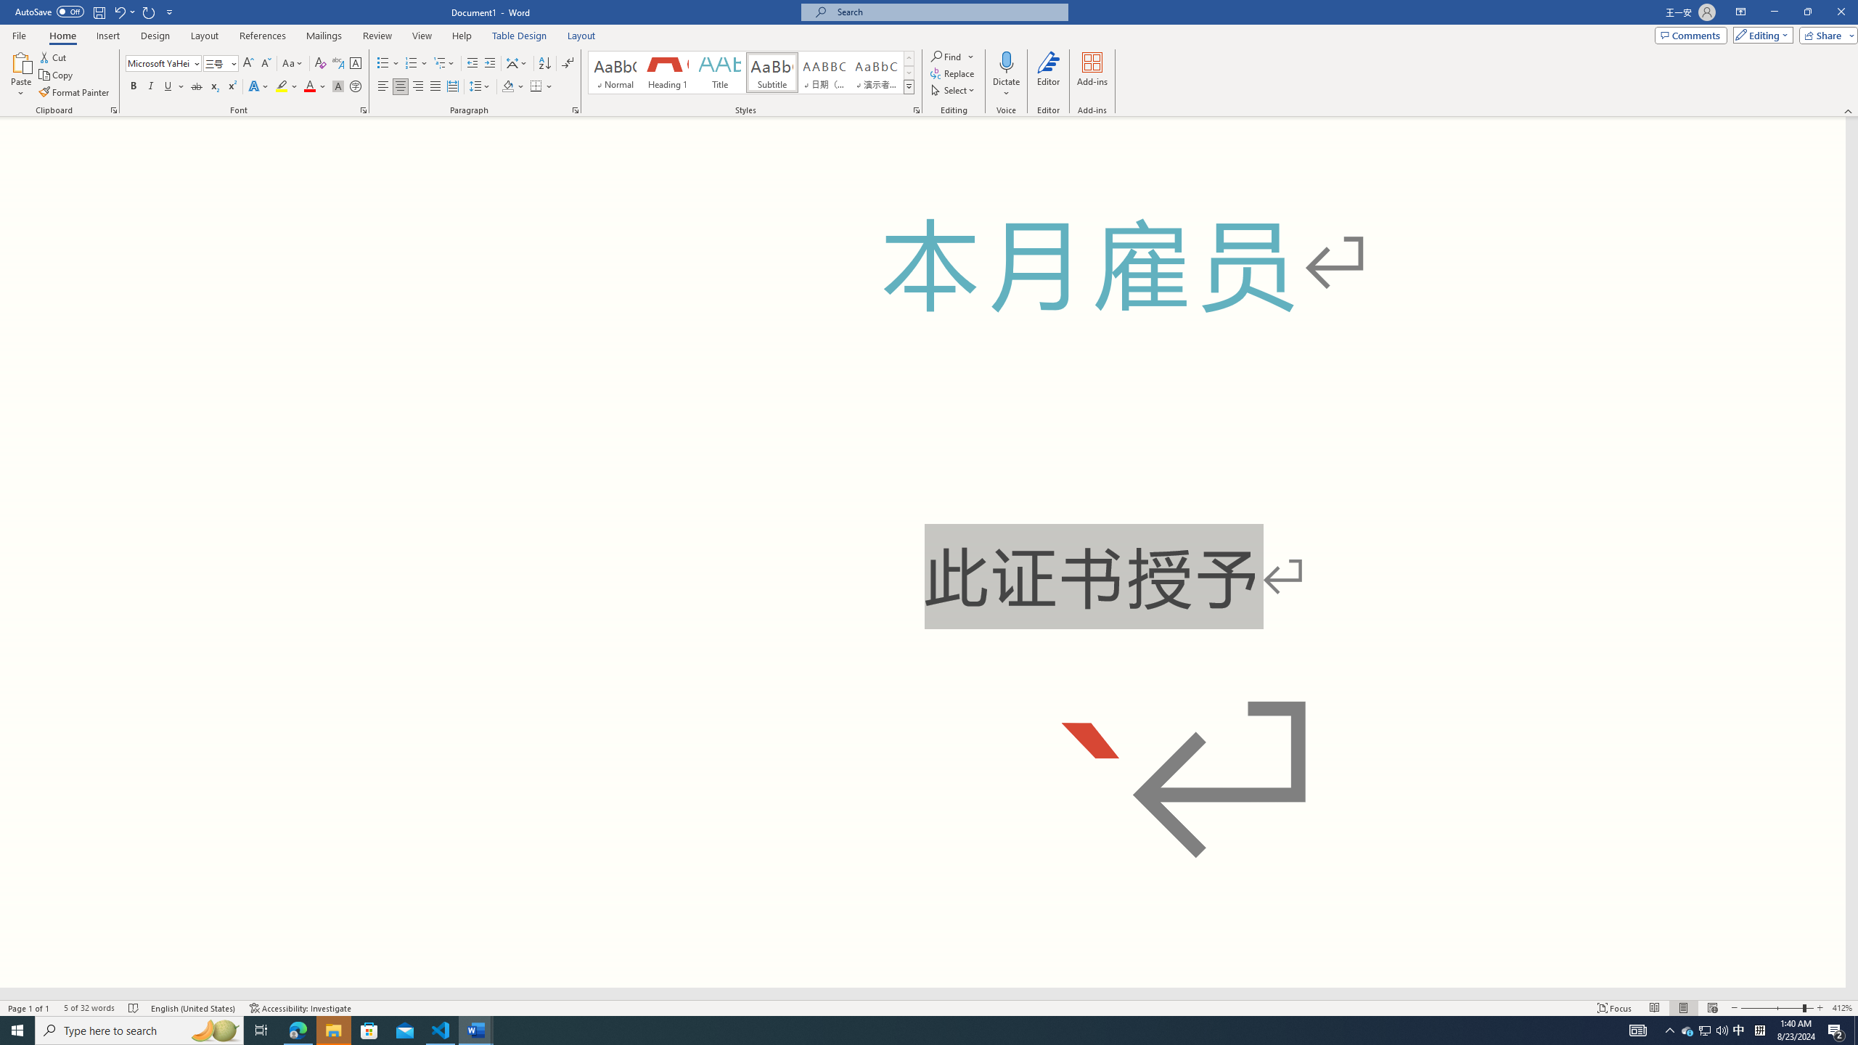 The image size is (1858, 1045). What do you see at coordinates (544, 63) in the screenshot?
I see `'Sort...'` at bounding box center [544, 63].